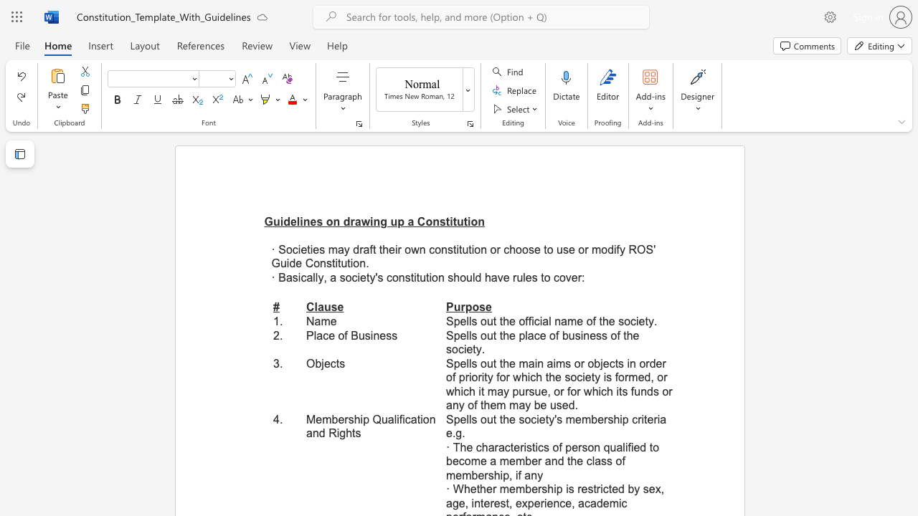  I want to click on the 2th character "s" in the text, so click(621, 320).